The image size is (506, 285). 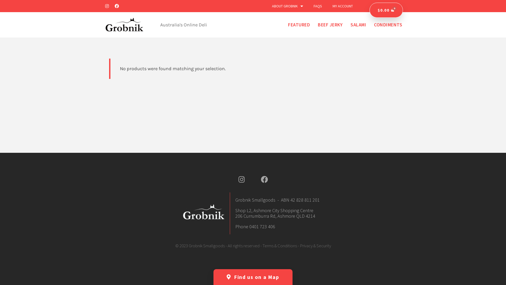 What do you see at coordinates (317, 6) in the screenshot?
I see `'FAQS'` at bounding box center [317, 6].